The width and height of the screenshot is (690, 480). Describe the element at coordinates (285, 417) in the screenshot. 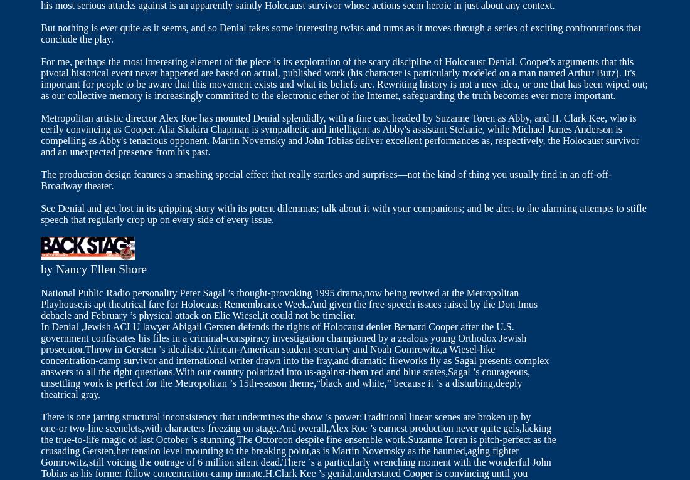

I see `'There
is
one
jarring
structural
inconsistency that undermines the show ’s
power:Traditional linear scenes are broken up by'` at that location.